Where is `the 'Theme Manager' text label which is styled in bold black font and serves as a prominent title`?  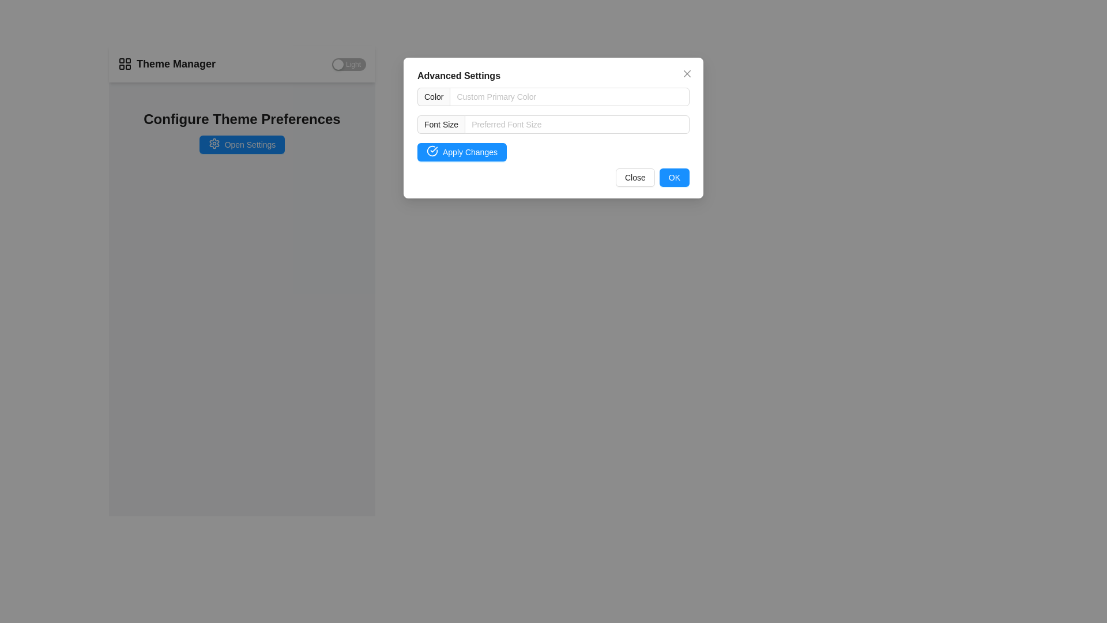 the 'Theme Manager' text label which is styled in bold black font and serves as a prominent title is located at coordinates (175, 64).